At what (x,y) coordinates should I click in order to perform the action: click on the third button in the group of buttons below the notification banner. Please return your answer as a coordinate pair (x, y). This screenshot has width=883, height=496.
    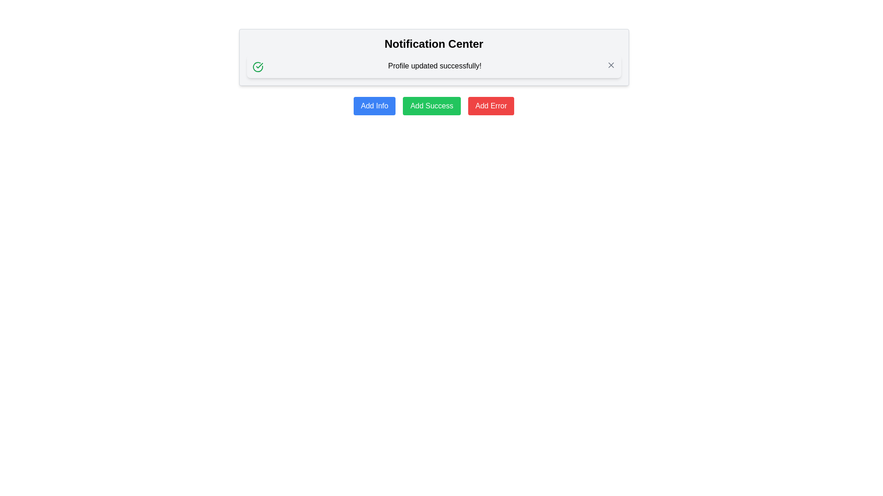
    Looking at the image, I should click on (491, 106).